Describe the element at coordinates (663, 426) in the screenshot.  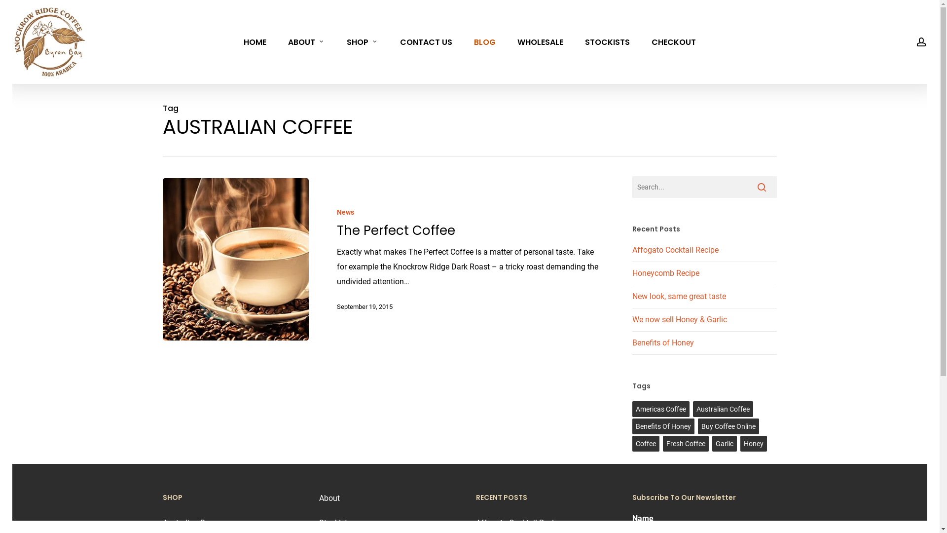
I see `'Benefits Of Honey'` at that location.